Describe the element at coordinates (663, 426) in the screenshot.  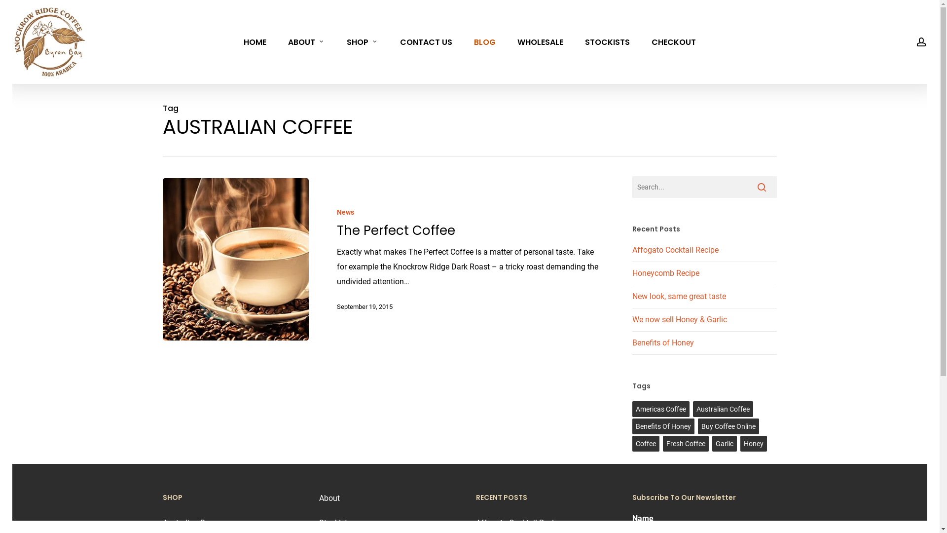
I see `'Benefits Of Honey'` at that location.